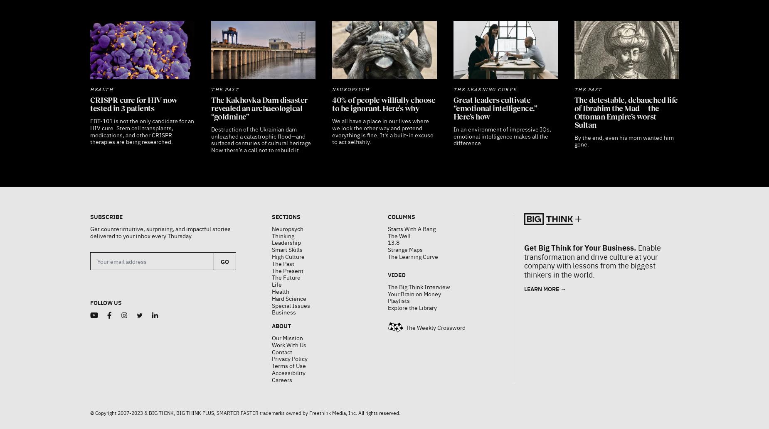 The height and width of the screenshot is (429, 769). What do you see at coordinates (288, 277) in the screenshot?
I see `'Hard Science'` at bounding box center [288, 277].